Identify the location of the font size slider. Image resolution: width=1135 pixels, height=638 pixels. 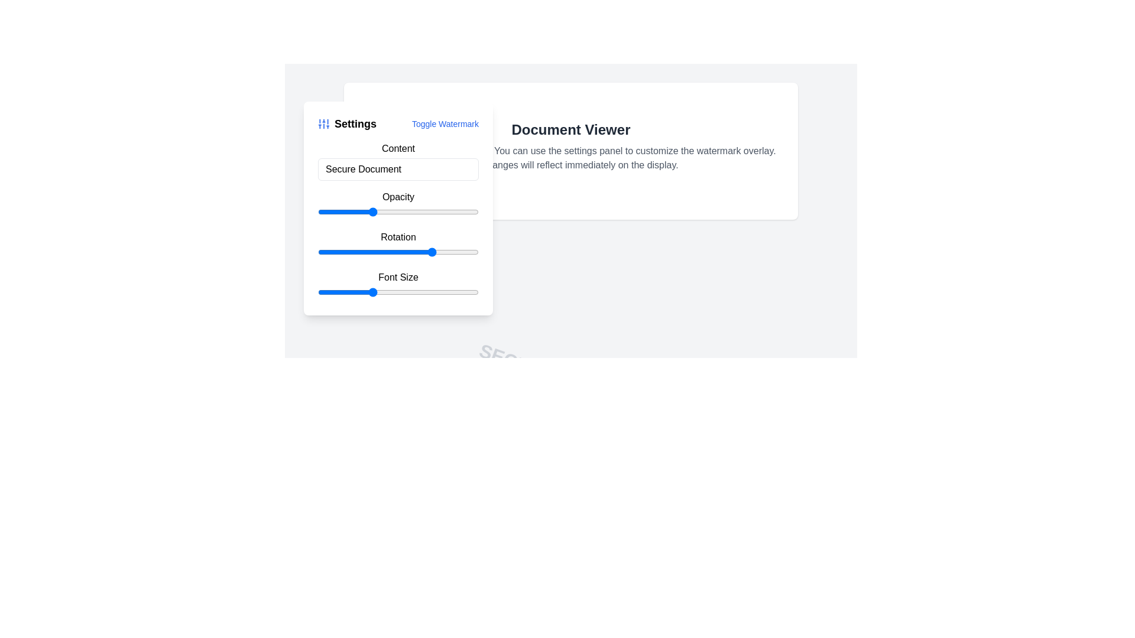
(321, 292).